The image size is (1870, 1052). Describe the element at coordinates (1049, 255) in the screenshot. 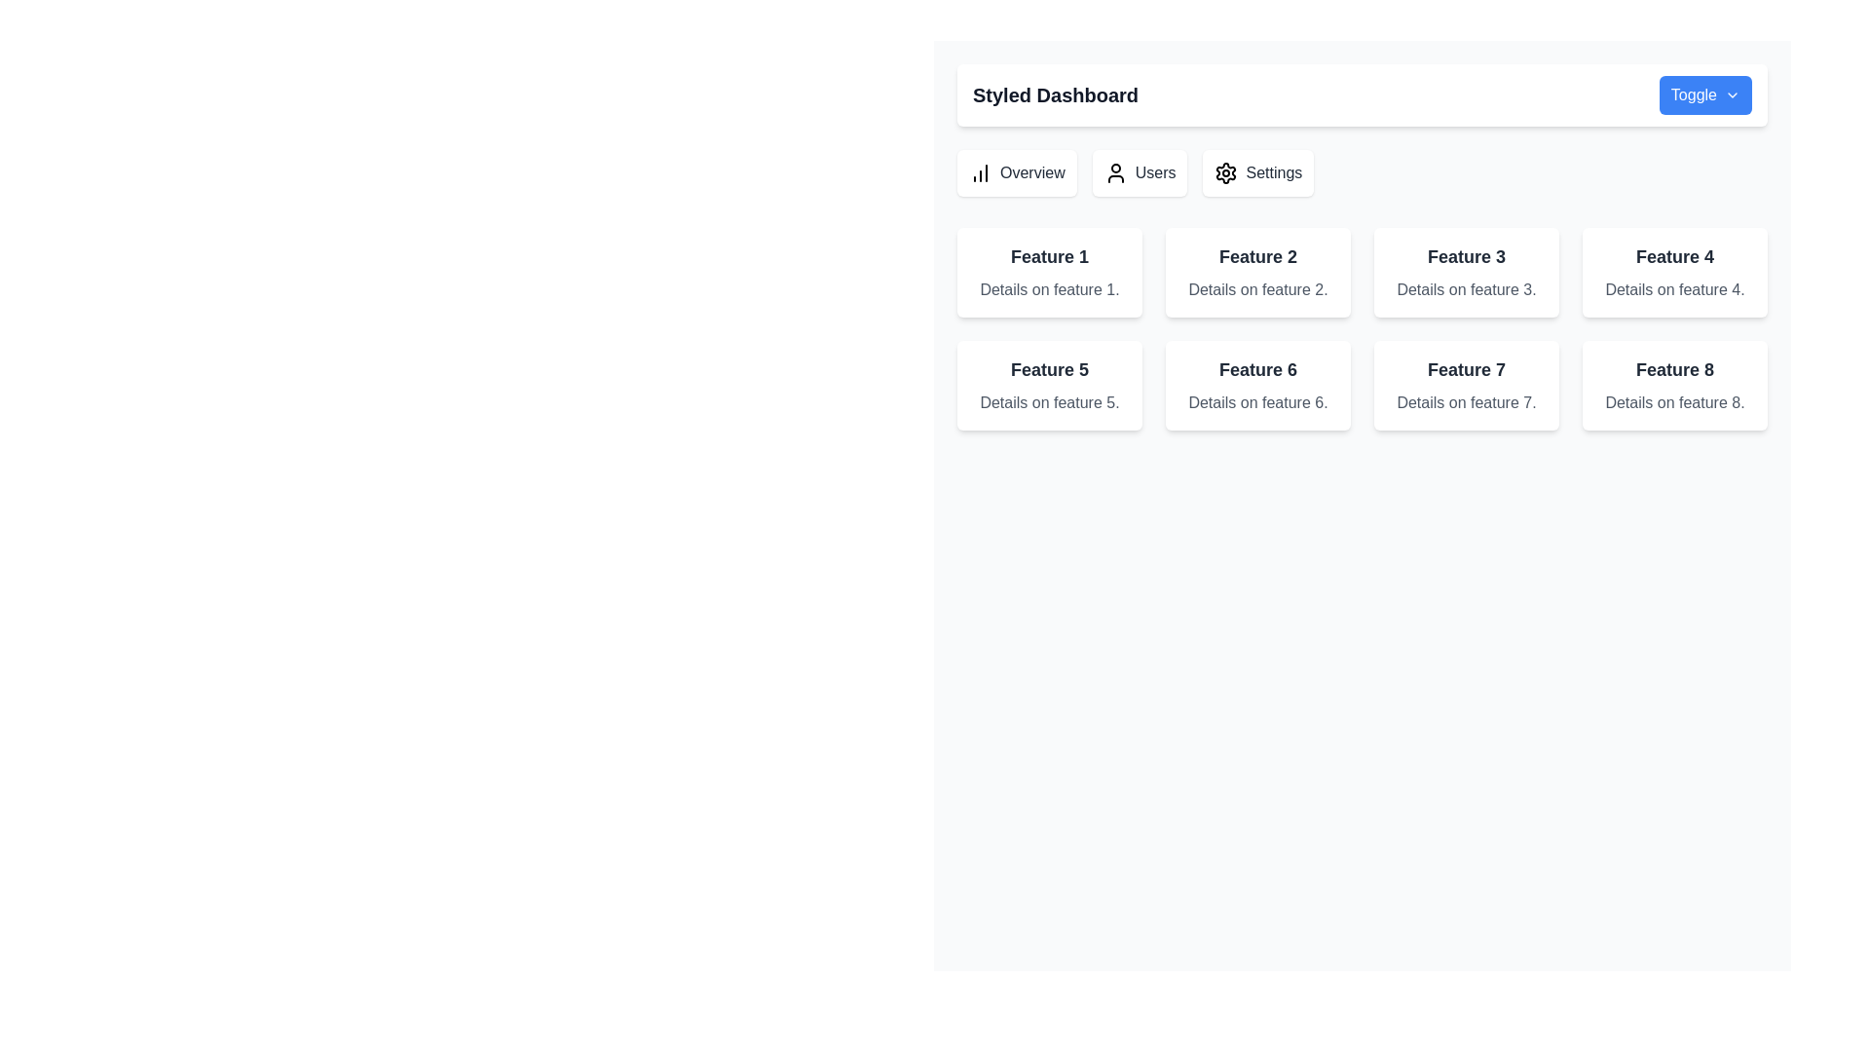

I see `text from the bold text label displaying 'Feature 1', which is centrally aligned above the descriptive text 'Details on feature 1'` at that location.